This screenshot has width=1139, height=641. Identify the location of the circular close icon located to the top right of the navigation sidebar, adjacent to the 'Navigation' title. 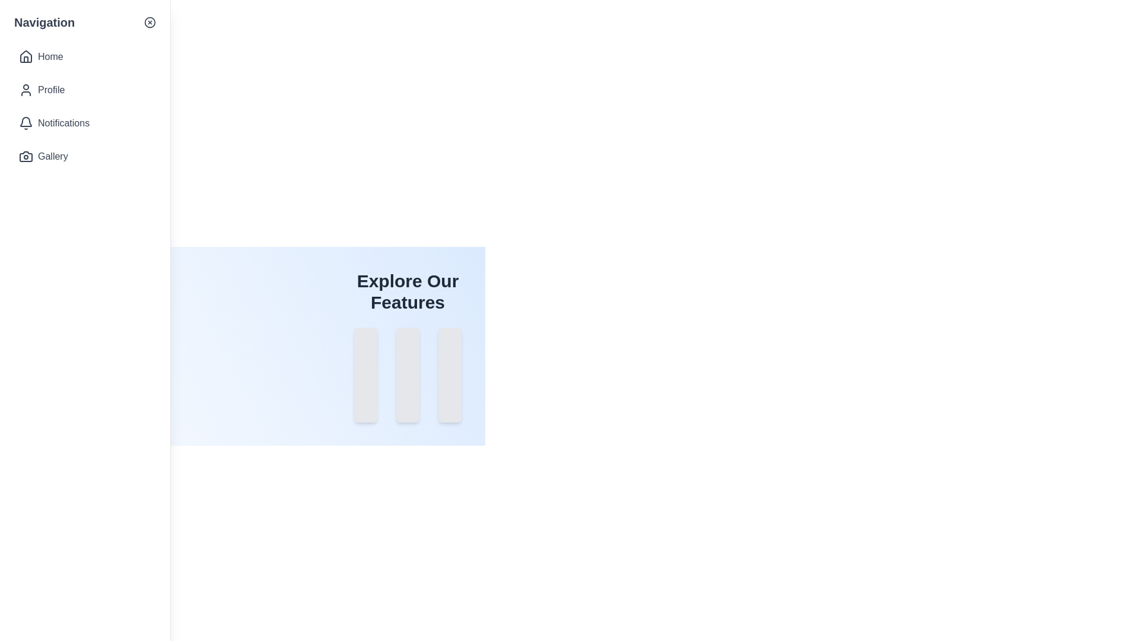
(149, 23).